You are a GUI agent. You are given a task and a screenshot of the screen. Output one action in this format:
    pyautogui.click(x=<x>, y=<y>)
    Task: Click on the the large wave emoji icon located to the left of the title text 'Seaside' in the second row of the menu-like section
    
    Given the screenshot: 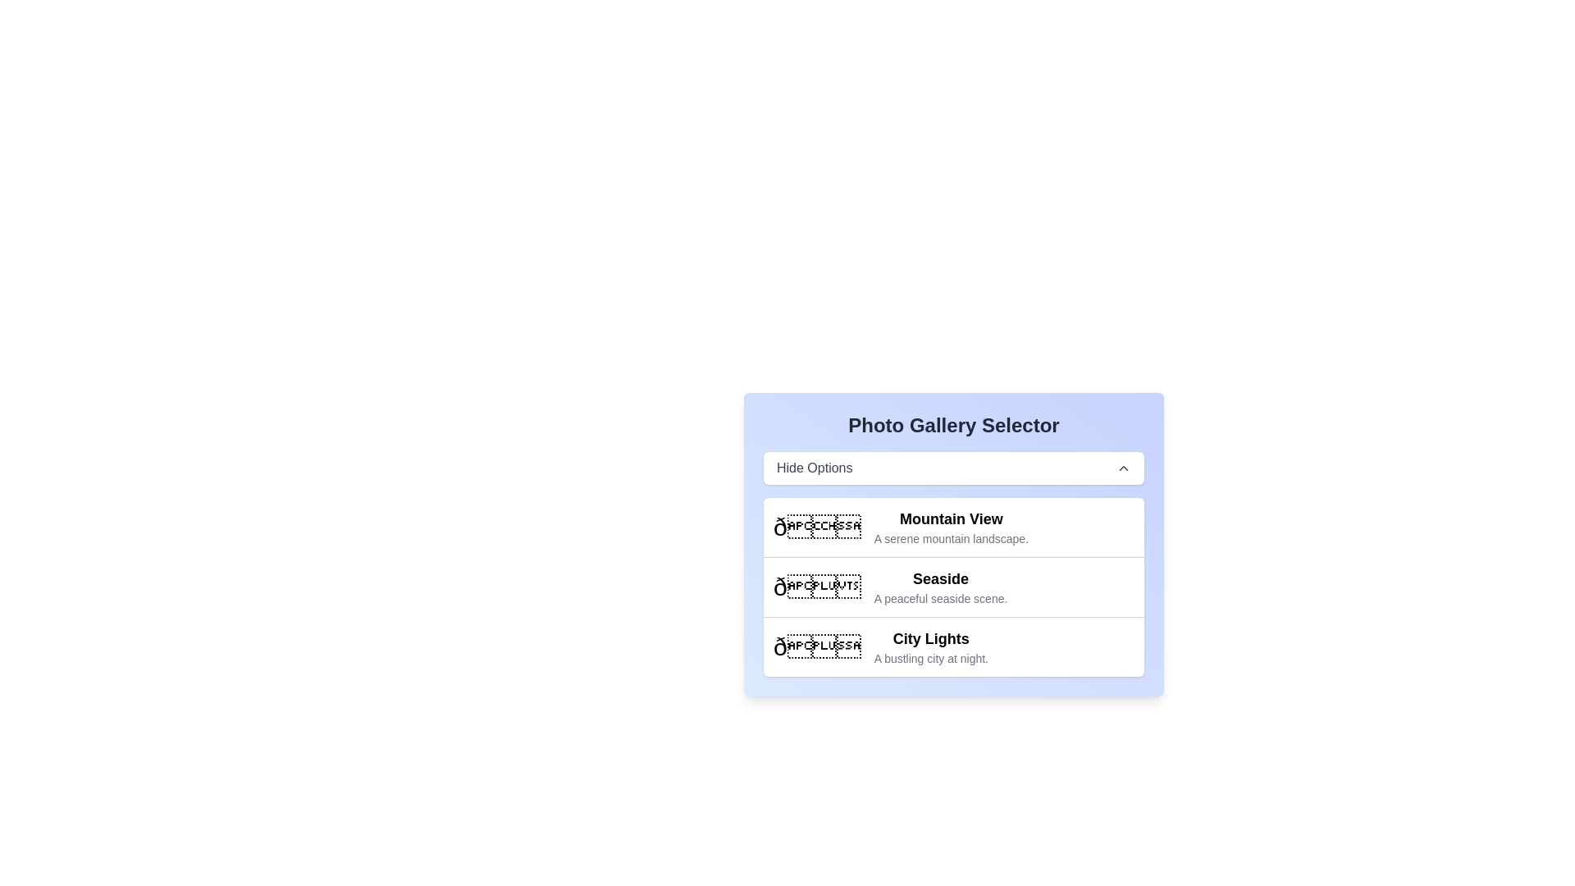 What is the action you would take?
    pyautogui.click(x=817, y=587)
    